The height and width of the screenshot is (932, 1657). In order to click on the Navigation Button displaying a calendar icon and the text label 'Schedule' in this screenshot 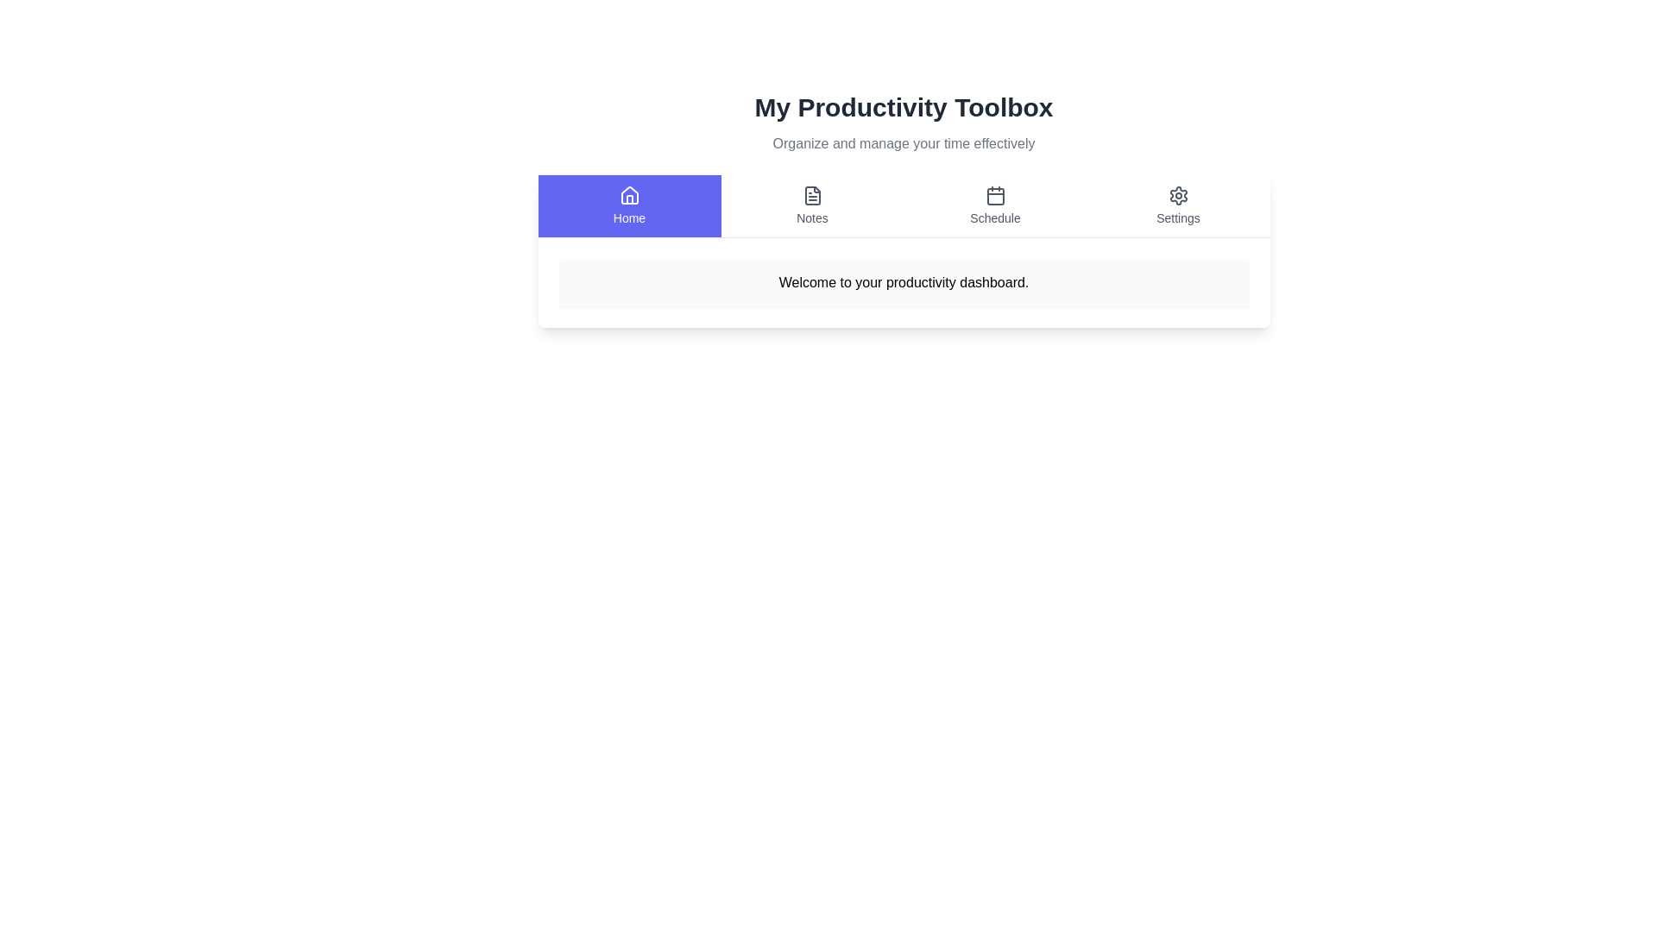, I will do `click(995, 205)`.